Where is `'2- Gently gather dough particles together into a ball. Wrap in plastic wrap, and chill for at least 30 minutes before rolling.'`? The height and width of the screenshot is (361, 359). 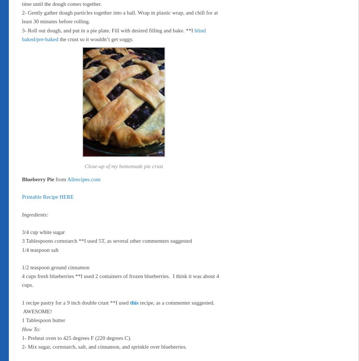 '2- Gently gather dough particles together into a ball. Wrap in plastic wrap, and chill for at least 30 minutes before rolling.' is located at coordinates (21, 17).